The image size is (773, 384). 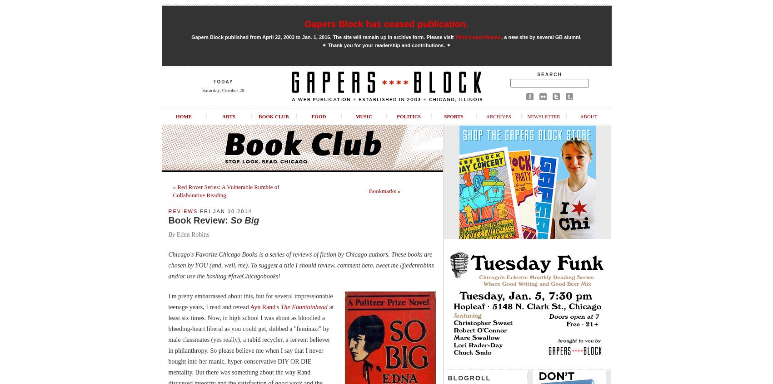 What do you see at coordinates (498, 116) in the screenshot?
I see `'Archives'` at bounding box center [498, 116].